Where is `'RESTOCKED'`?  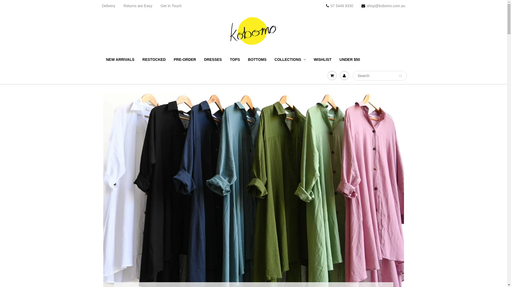 'RESTOCKED' is located at coordinates (154, 59).